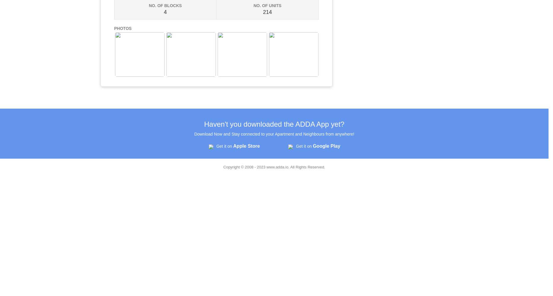 The image size is (553, 296). I want to click on 'Download Now and Stay connected to your Apartment and Neighbours from anywhere!', so click(274, 134).